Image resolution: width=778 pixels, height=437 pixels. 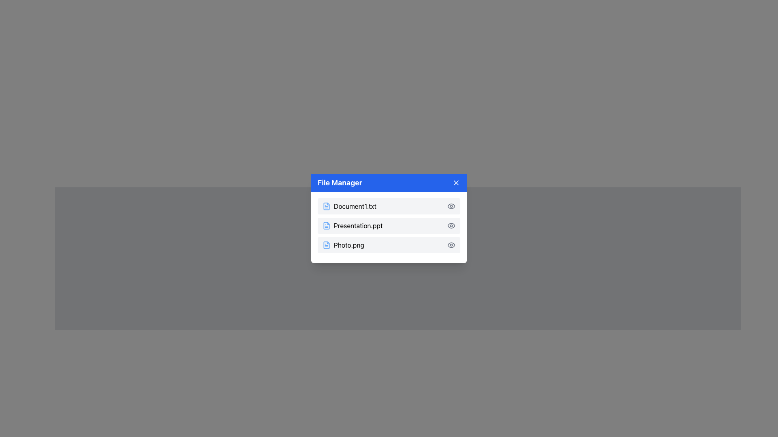 I want to click on the file type icon representing 'Document1.txt', located to the left of the text in the file manager dialog box, so click(x=327, y=206).